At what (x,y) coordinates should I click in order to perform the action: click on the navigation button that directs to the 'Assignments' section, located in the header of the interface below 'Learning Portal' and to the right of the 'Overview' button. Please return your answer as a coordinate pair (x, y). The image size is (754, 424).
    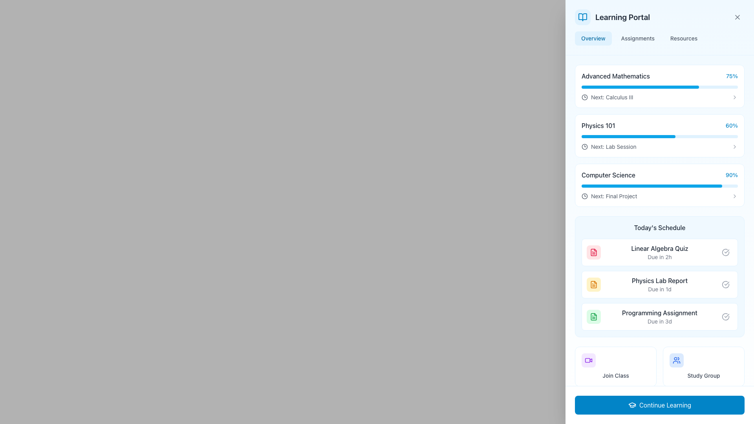
    Looking at the image, I should click on (638, 38).